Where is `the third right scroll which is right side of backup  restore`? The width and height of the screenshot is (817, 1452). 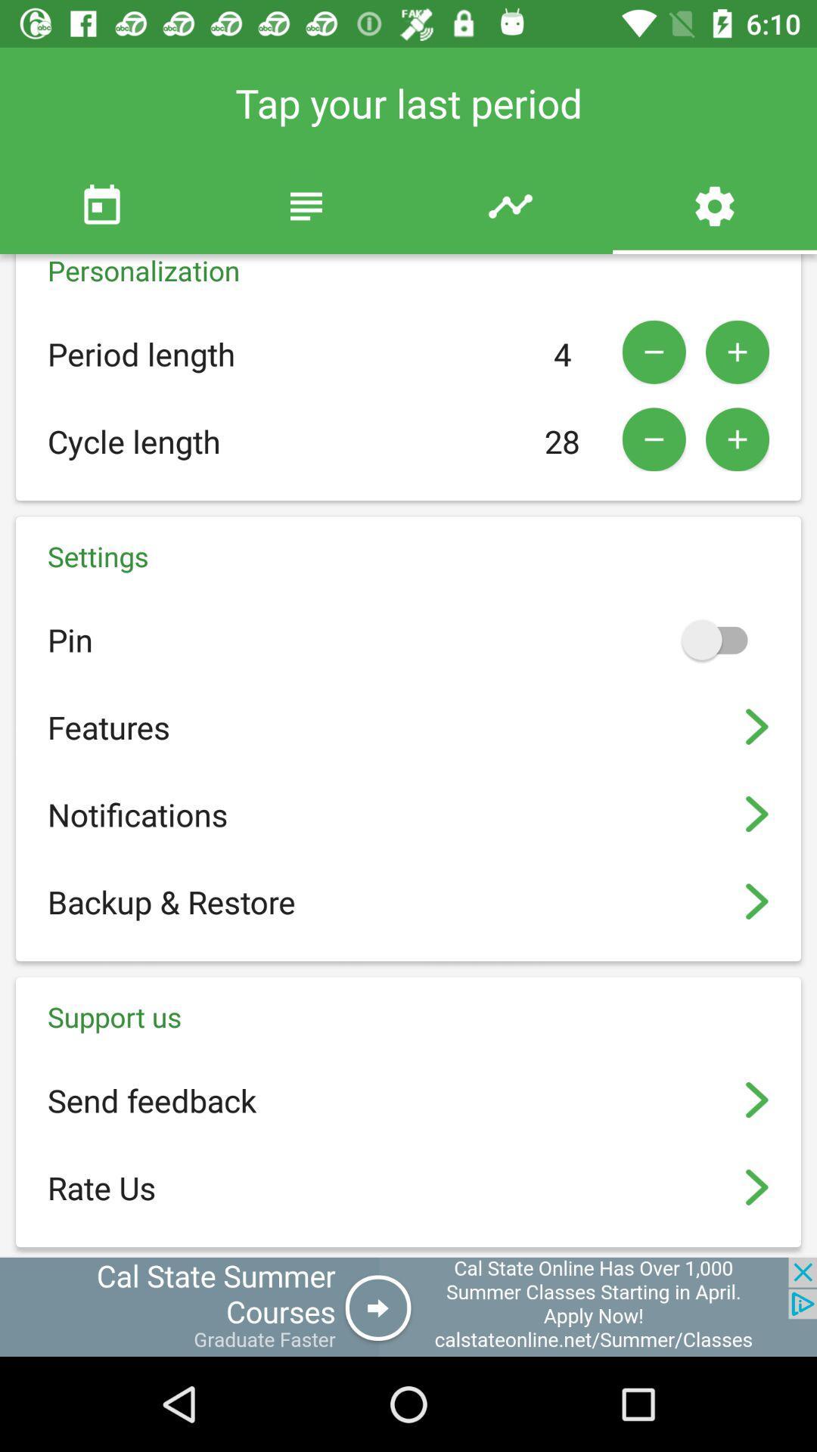
the third right scroll which is right side of backup  restore is located at coordinates (757, 901).